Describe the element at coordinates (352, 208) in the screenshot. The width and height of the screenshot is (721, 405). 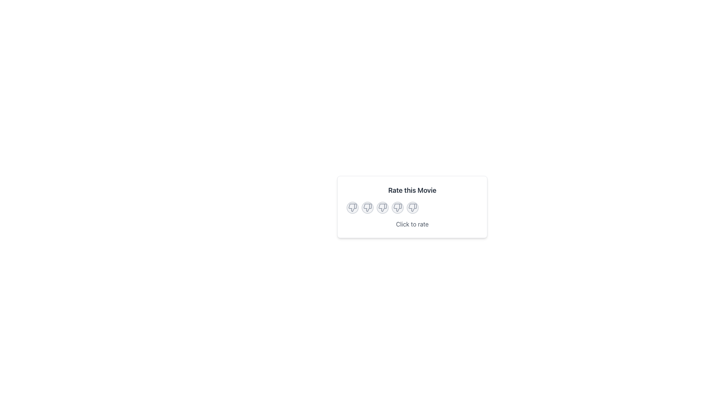
I see `the dissatisfaction button with icon located below 'Rate this Movie'` at that location.